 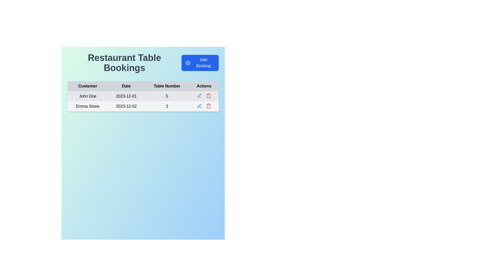 I want to click on the circular icon with a plus sign located to the left of the 'Add Booking' button, so click(x=188, y=63).